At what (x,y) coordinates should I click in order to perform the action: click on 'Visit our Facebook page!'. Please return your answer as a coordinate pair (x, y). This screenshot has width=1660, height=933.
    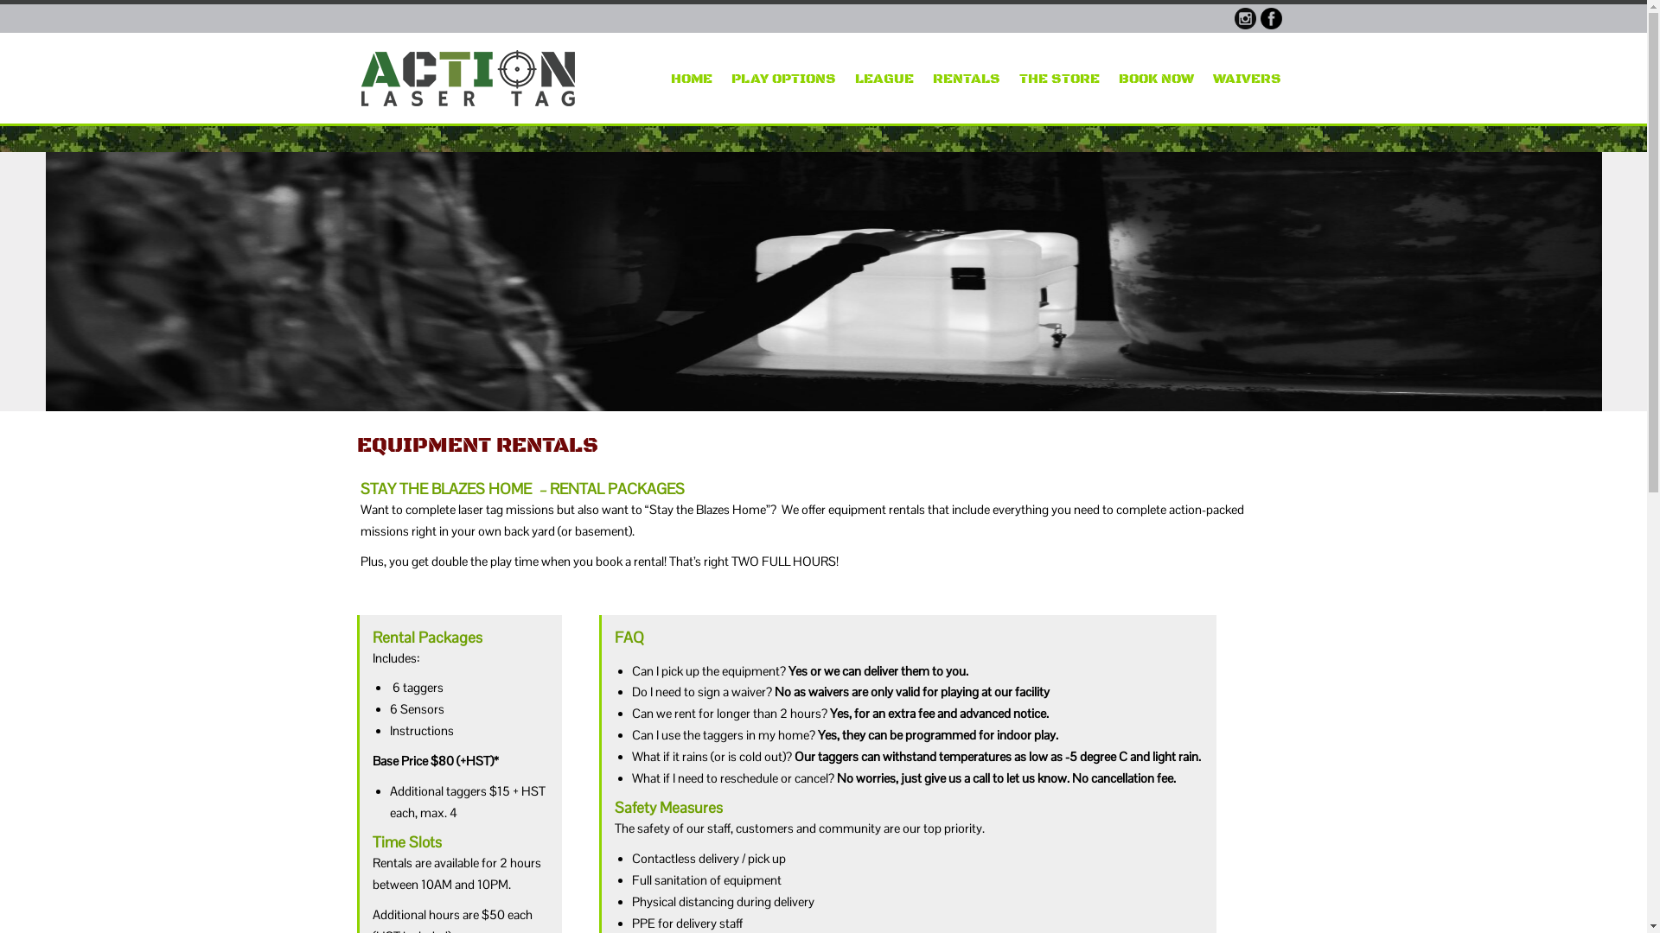
    Looking at the image, I should click on (1271, 18).